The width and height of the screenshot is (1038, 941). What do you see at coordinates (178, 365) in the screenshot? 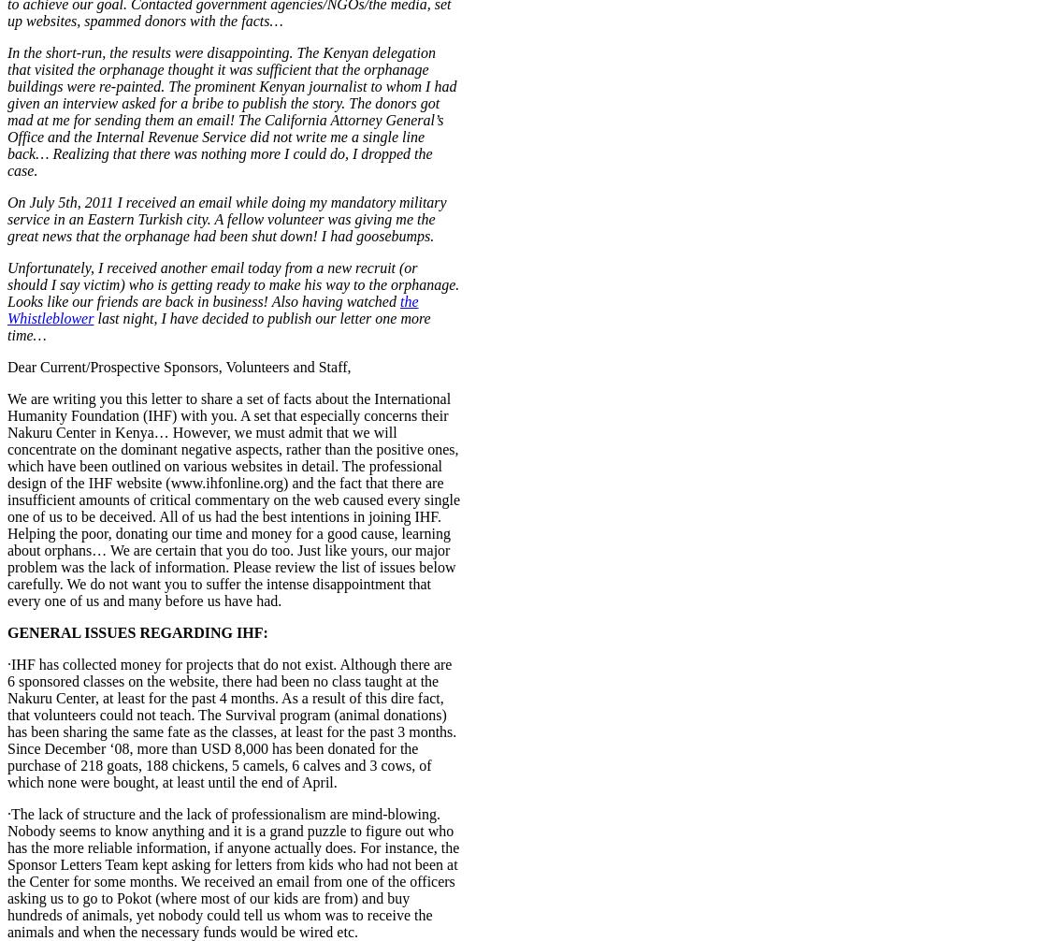
I see `'Dear Current/Prospective Sponsors, Volunteers and Staff,'` at bounding box center [178, 365].